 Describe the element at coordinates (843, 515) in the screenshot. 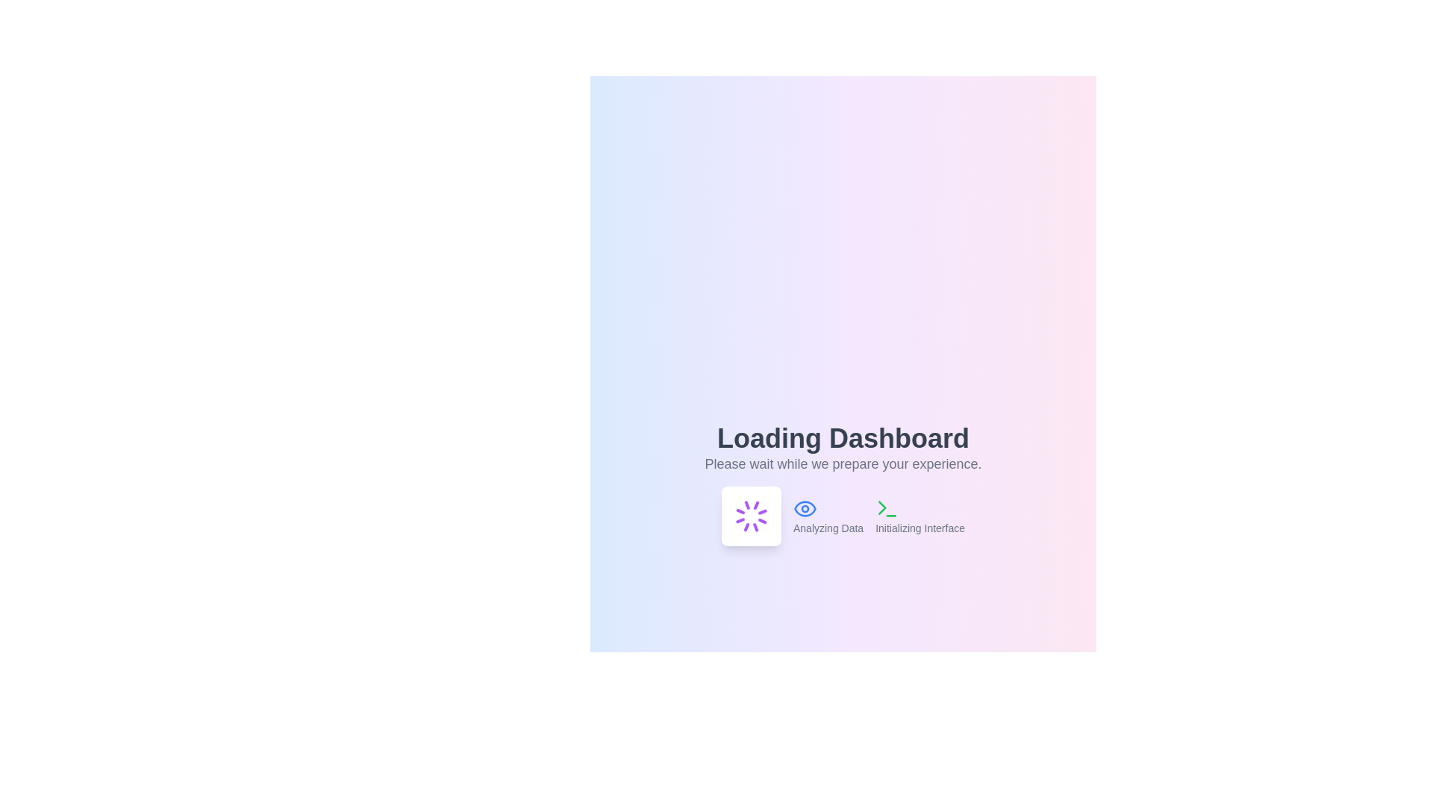

I see `the status reporting area that indicates the current status of processes being executed, located centrally below the header 'Loading Dashboard'` at that location.